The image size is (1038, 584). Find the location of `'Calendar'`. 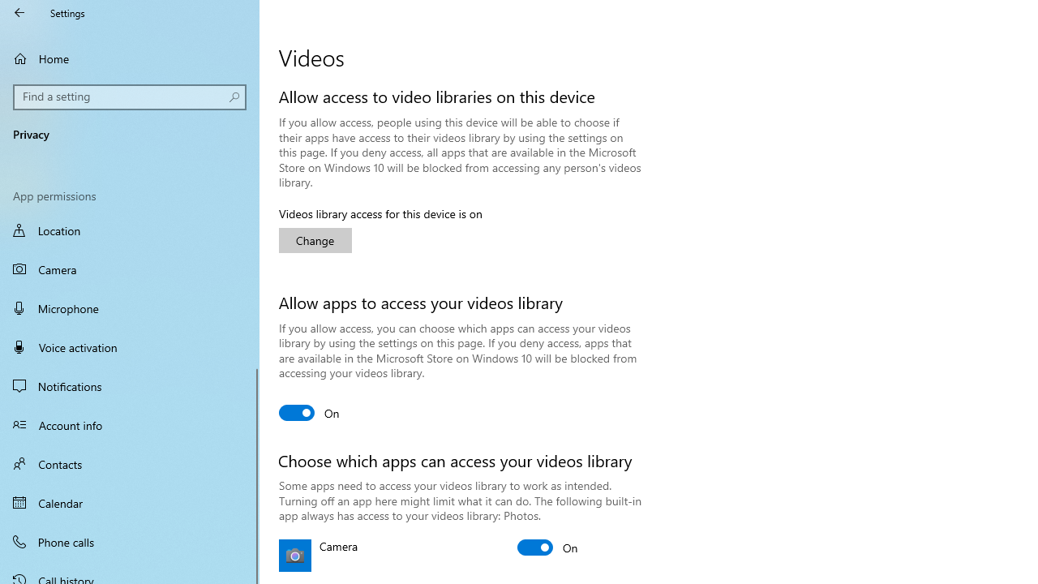

'Calendar' is located at coordinates (130, 501).